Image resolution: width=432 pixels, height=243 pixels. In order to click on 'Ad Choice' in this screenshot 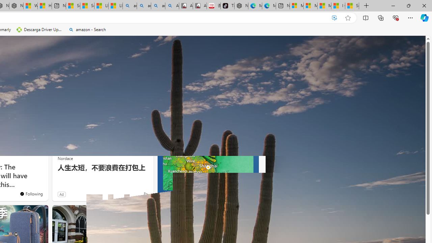, I will do `click(145, 194)`.